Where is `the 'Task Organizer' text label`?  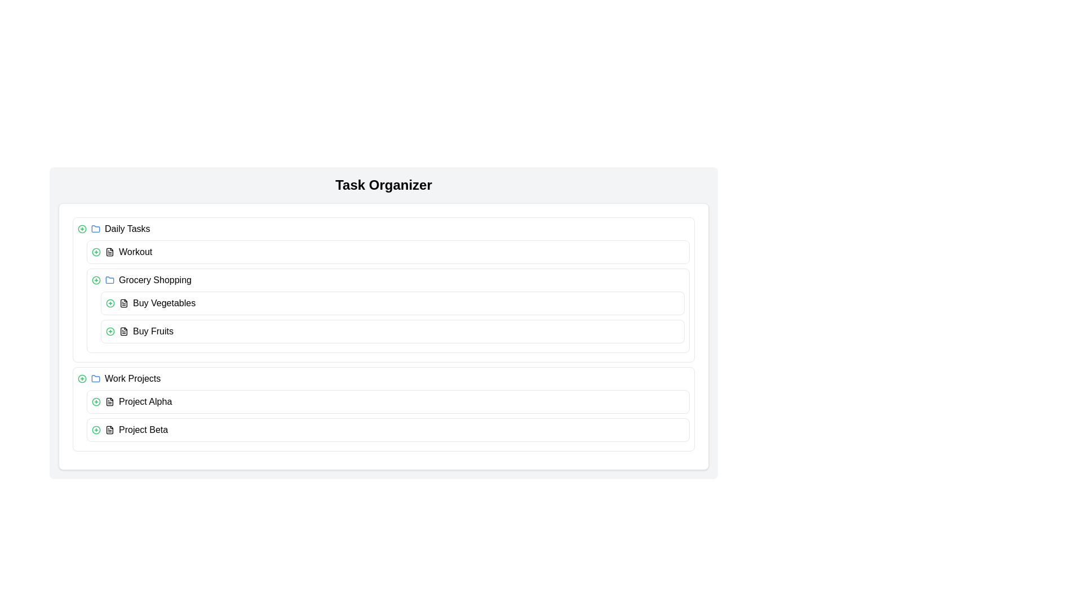 the 'Task Organizer' text label is located at coordinates (127, 229).